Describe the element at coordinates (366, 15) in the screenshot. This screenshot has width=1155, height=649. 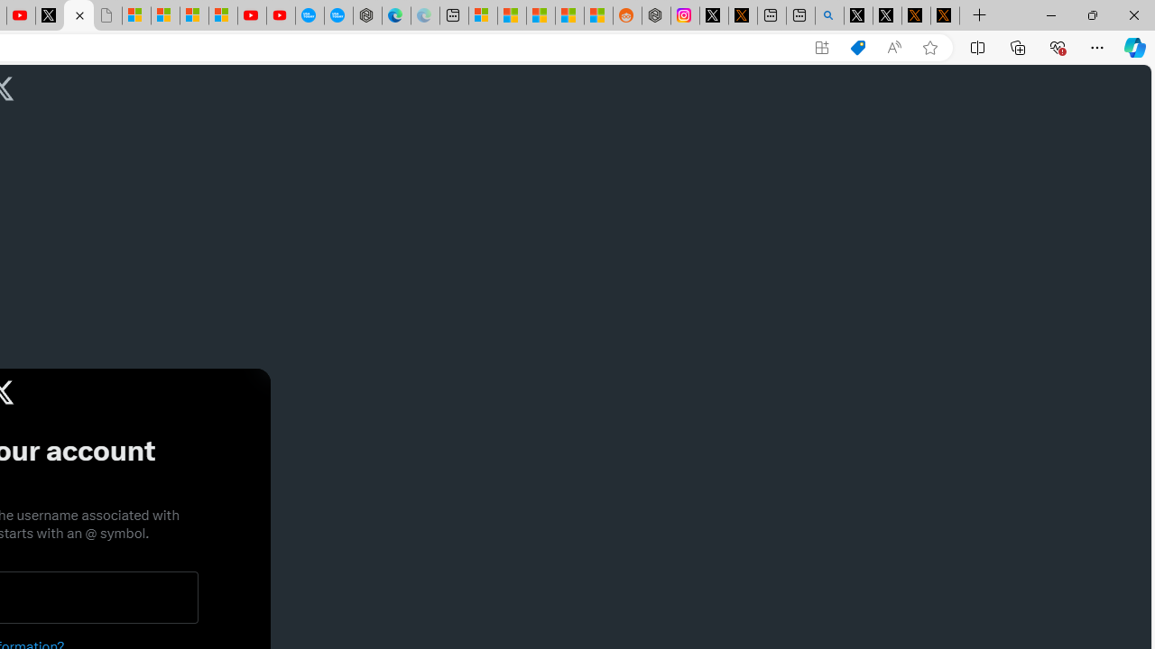
I see `'Nordace - Nordace has arrived Hong Kong'` at that location.